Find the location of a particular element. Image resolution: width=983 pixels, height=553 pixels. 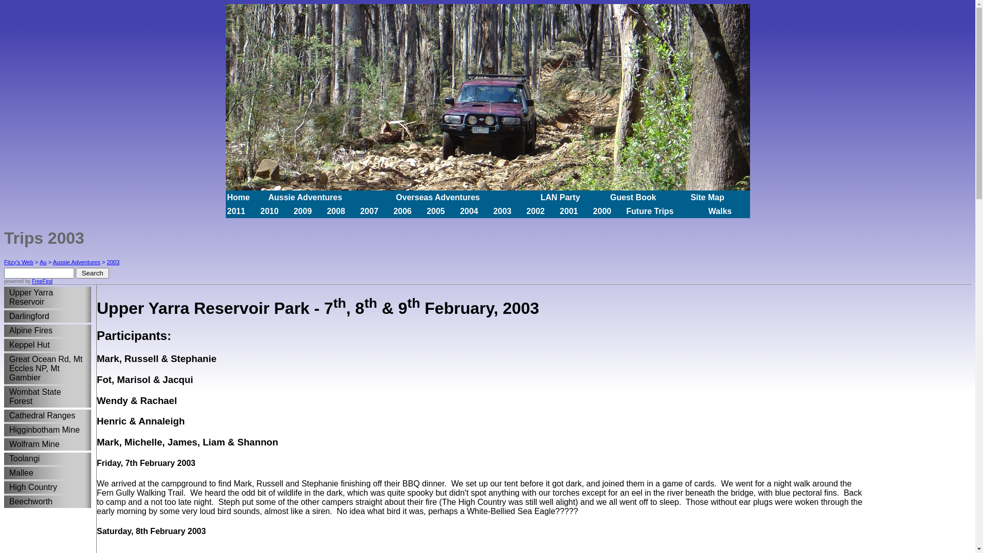

'Upper Yarra Reservoir' is located at coordinates (44, 297).